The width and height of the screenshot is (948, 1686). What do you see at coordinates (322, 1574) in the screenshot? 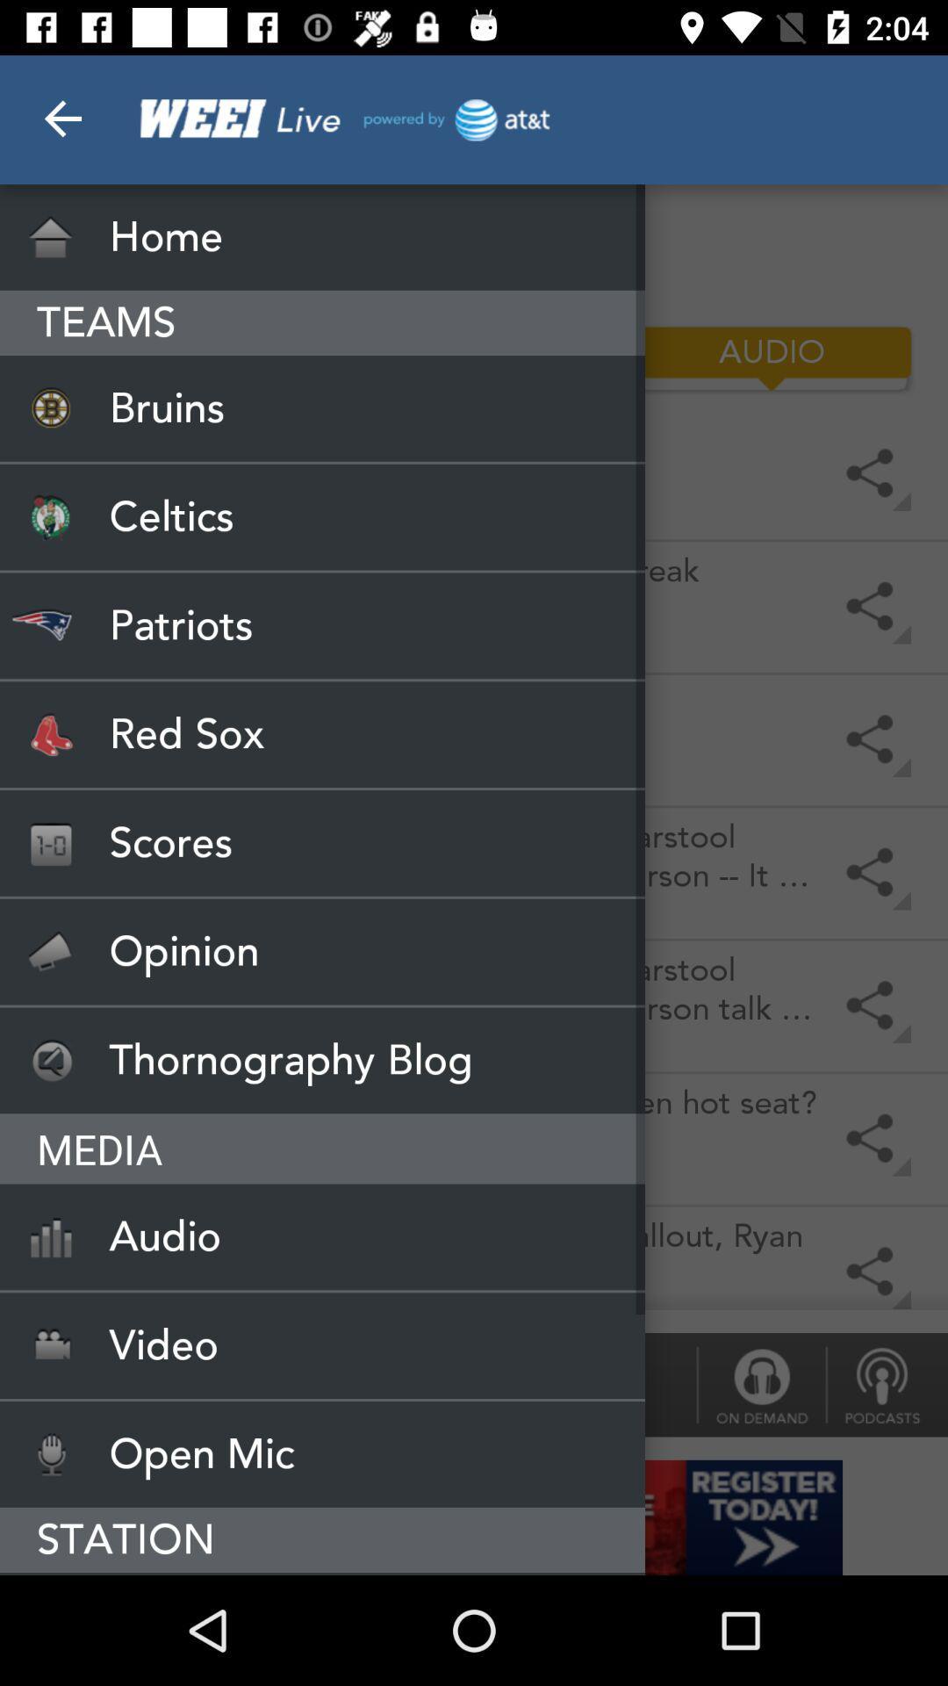
I see `listen to weei icon` at bounding box center [322, 1574].